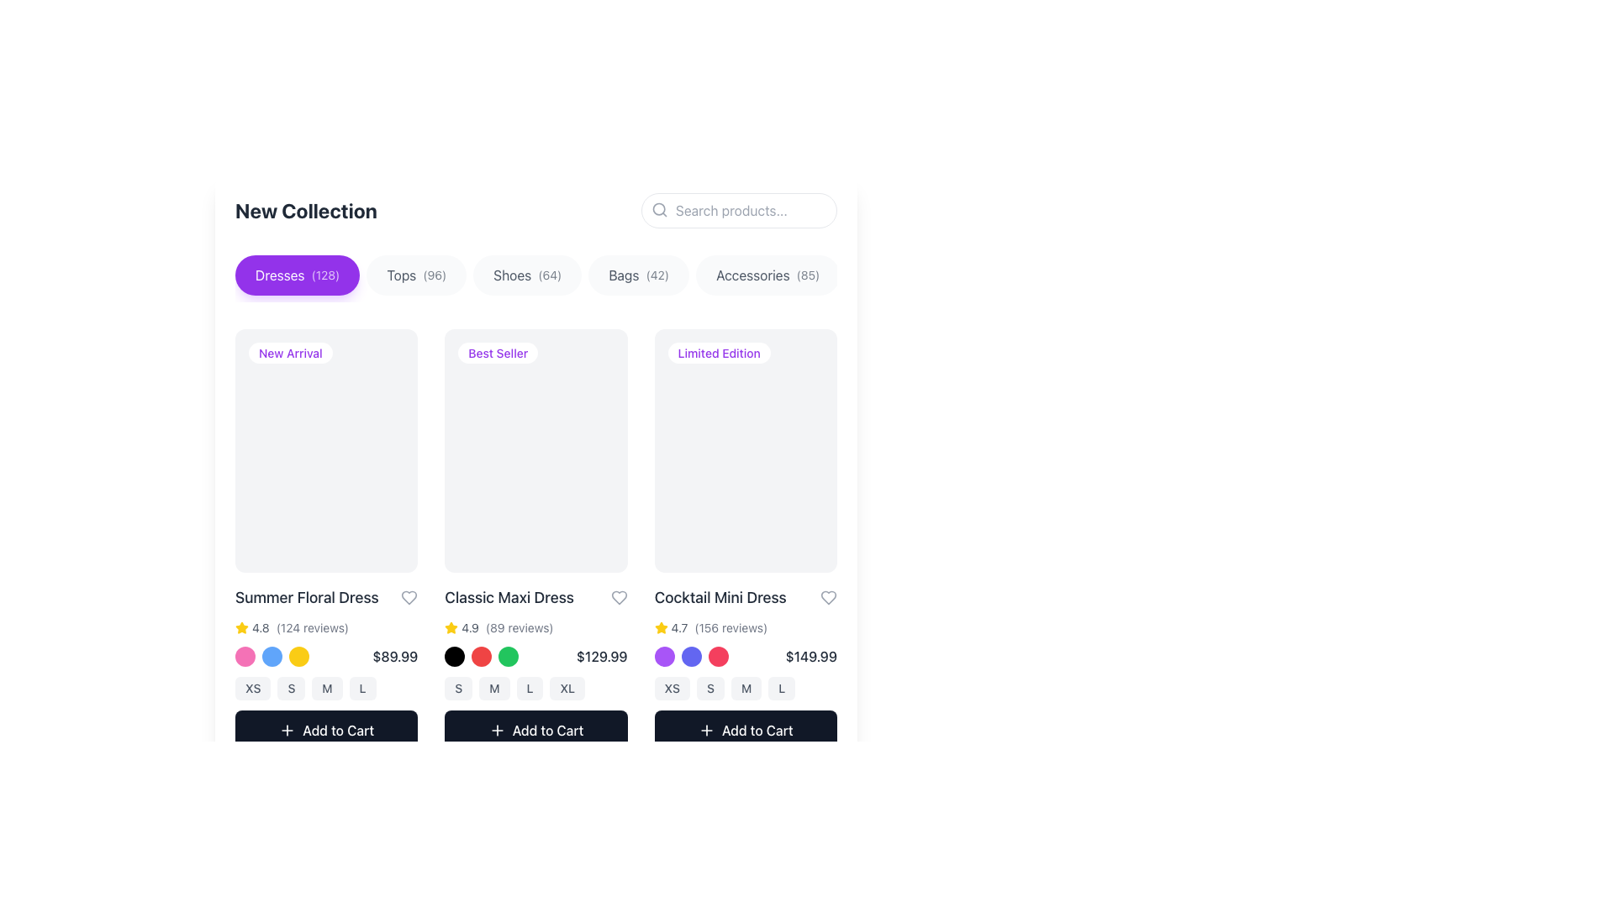 This screenshot has height=907, width=1614. What do you see at coordinates (260, 627) in the screenshot?
I see `the numerical text label displaying '4.8' which is part of the rating display for the 'Summer Floral Dress' product` at bounding box center [260, 627].